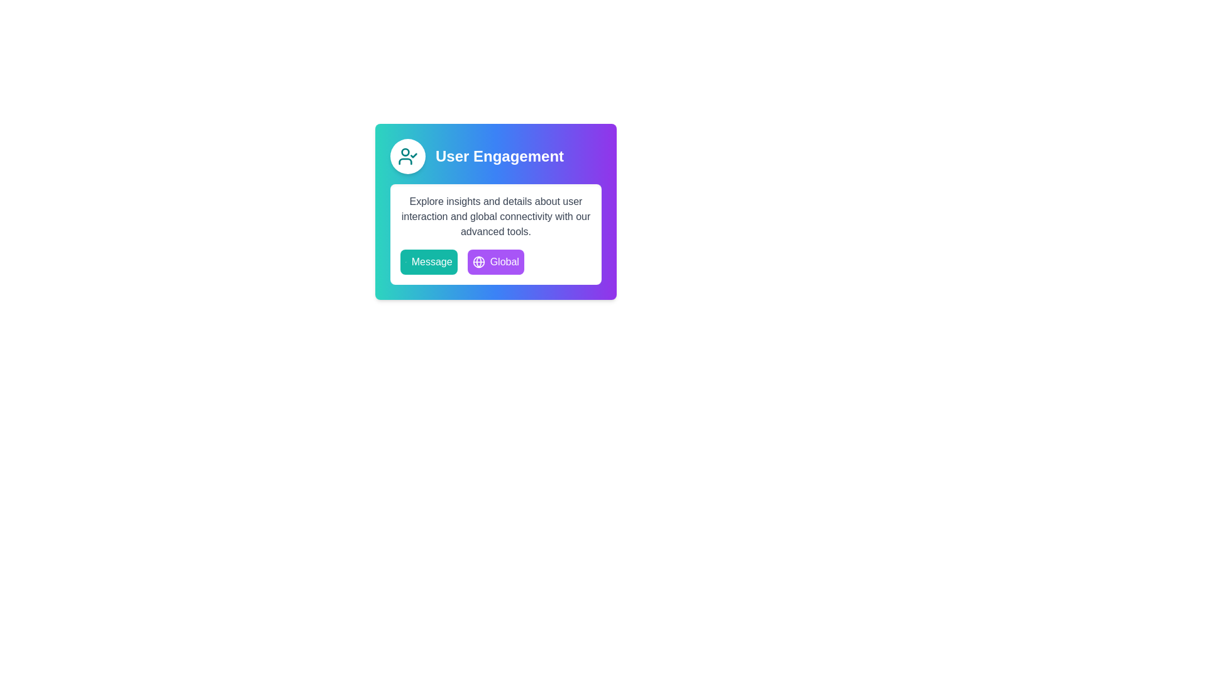 The height and width of the screenshot is (679, 1207). What do you see at coordinates (429, 261) in the screenshot?
I see `the rectangular teal button labeled 'Message'` at bounding box center [429, 261].